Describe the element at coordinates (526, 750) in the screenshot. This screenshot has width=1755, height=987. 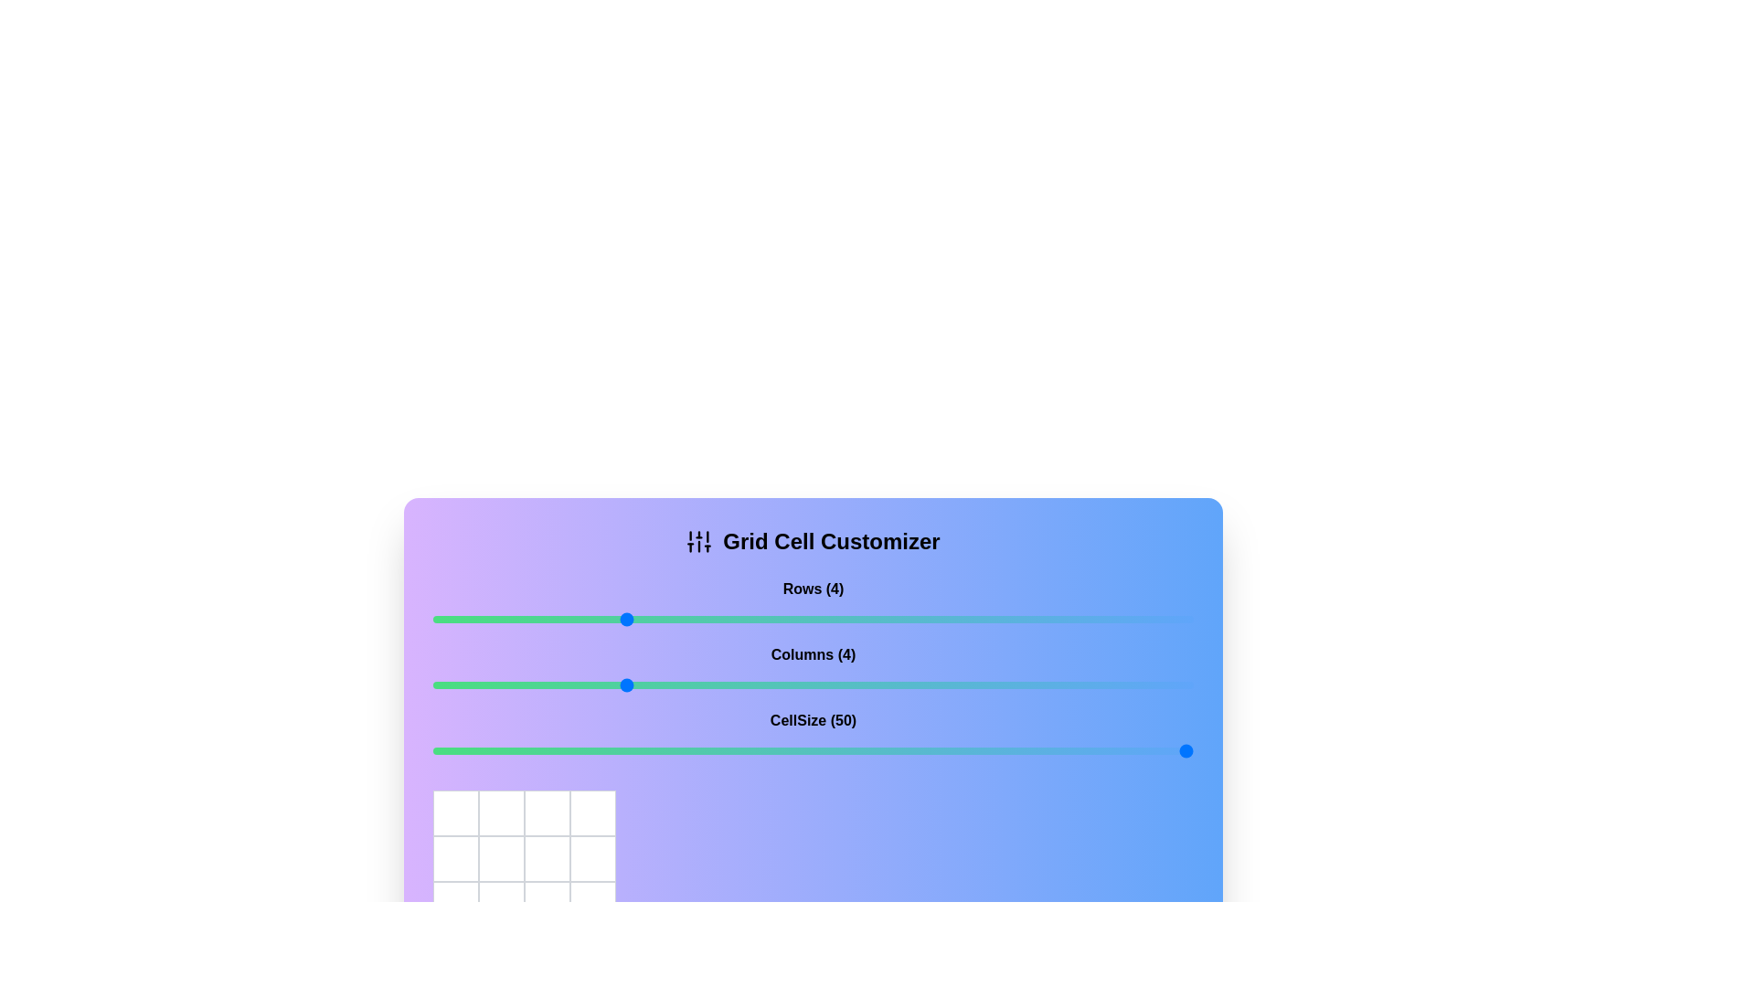
I see `the 'CellSize' slider to 3 value` at that location.